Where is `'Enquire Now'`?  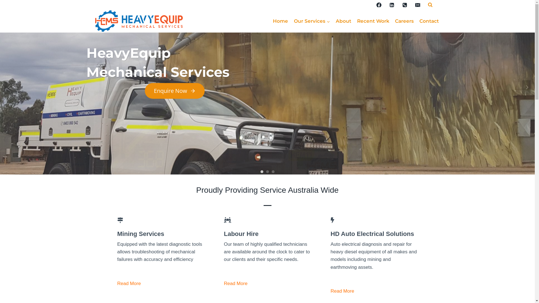
'Enquire Now' is located at coordinates (174, 91).